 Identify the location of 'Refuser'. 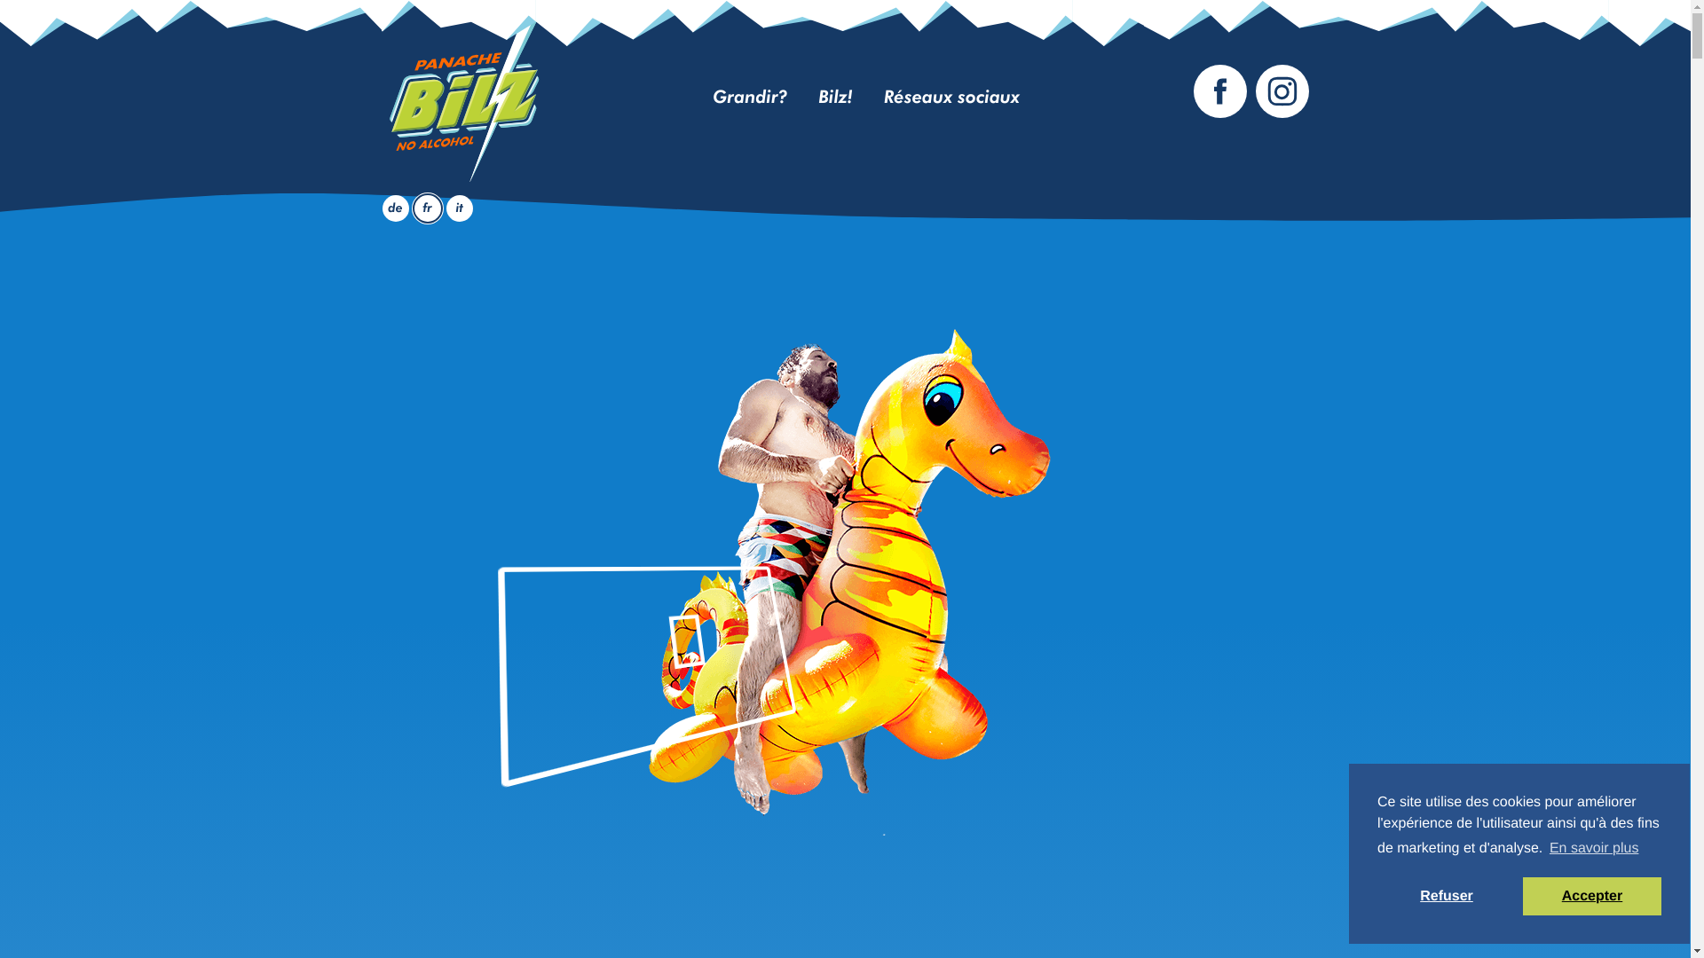
(1447, 896).